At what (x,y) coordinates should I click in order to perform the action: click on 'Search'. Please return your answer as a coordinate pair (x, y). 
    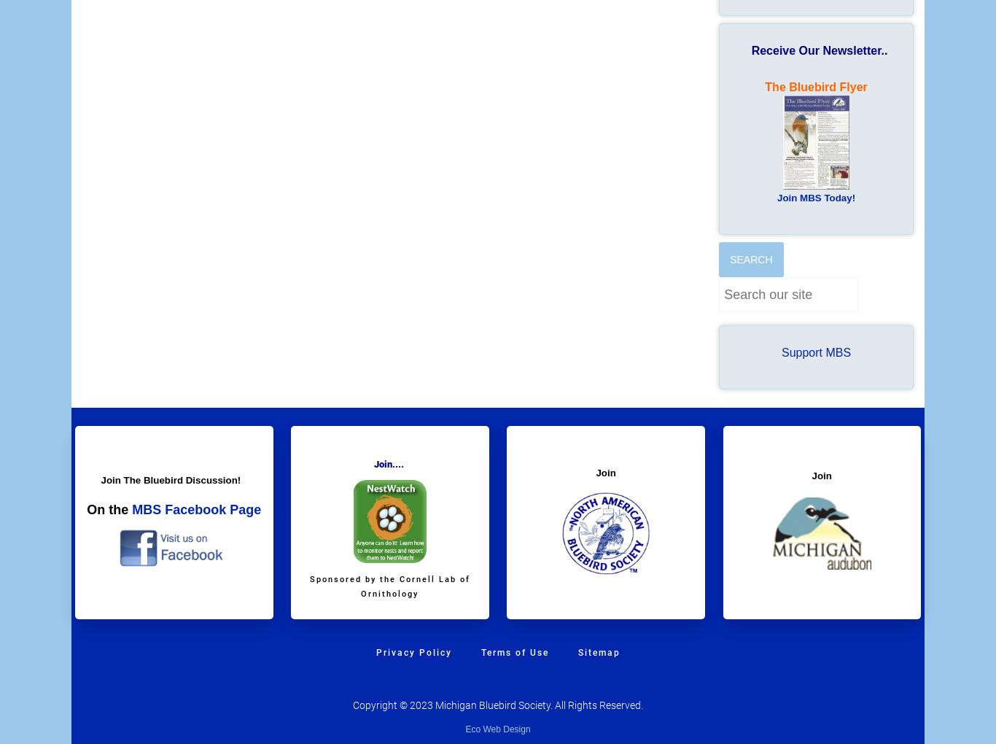
    Looking at the image, I should click on (750, 258).